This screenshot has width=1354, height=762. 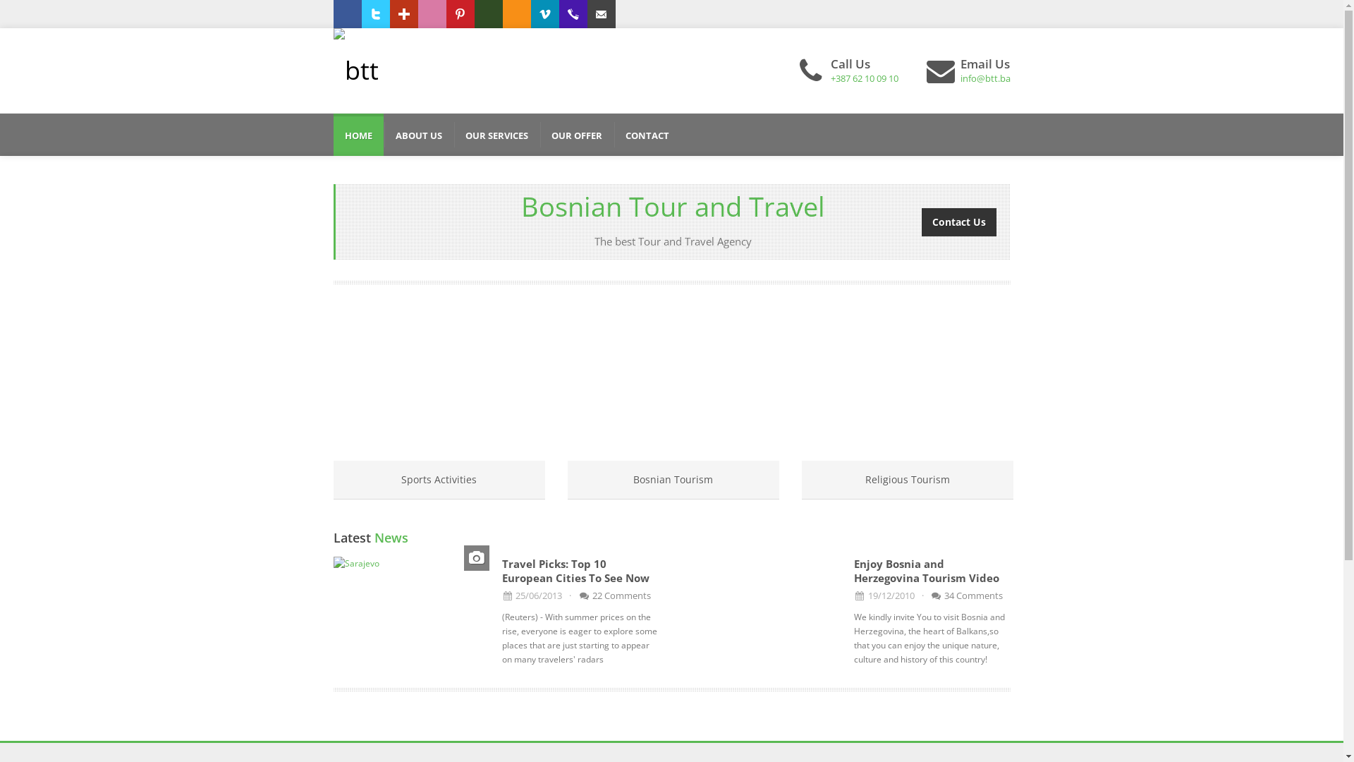 I want to click on 'Bosnian Tourism', so click(x=672, y=478).